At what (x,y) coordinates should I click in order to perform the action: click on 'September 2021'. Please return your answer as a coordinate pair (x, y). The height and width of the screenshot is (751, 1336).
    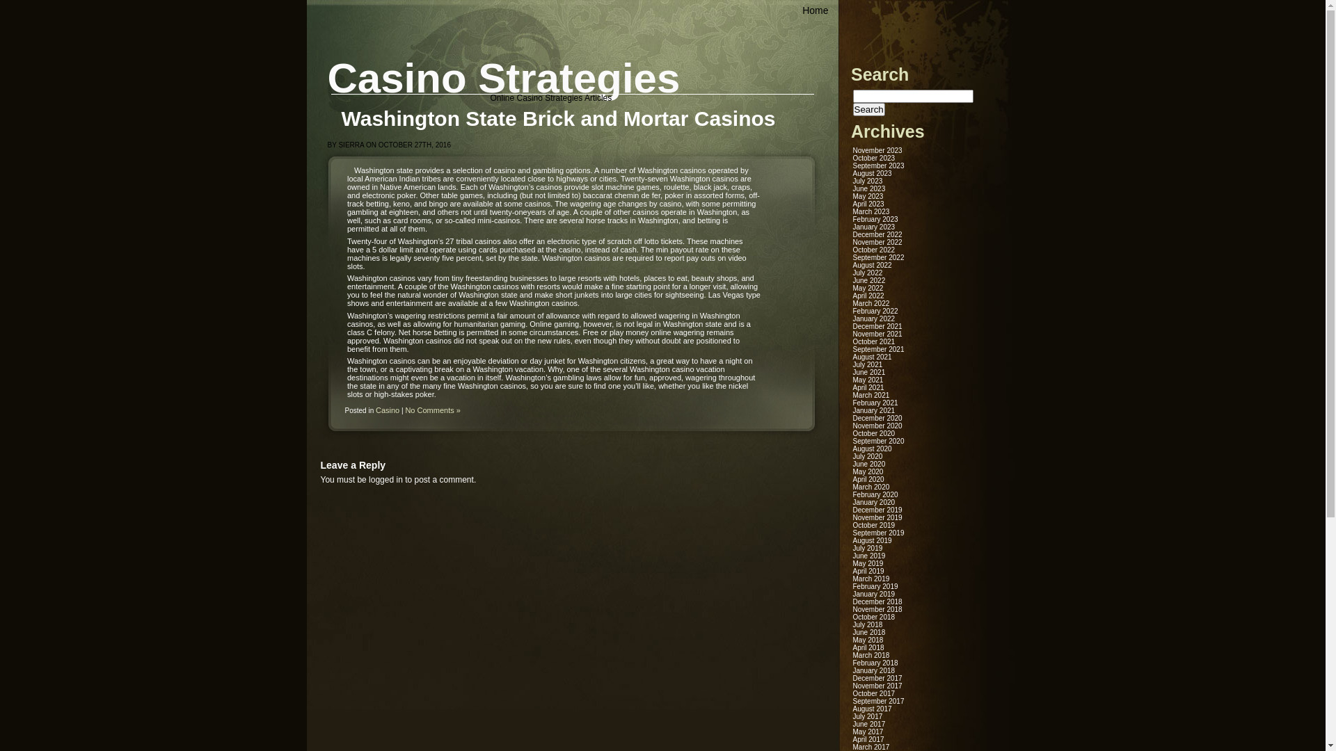
    Looking at the image, I should click on (852, 348).